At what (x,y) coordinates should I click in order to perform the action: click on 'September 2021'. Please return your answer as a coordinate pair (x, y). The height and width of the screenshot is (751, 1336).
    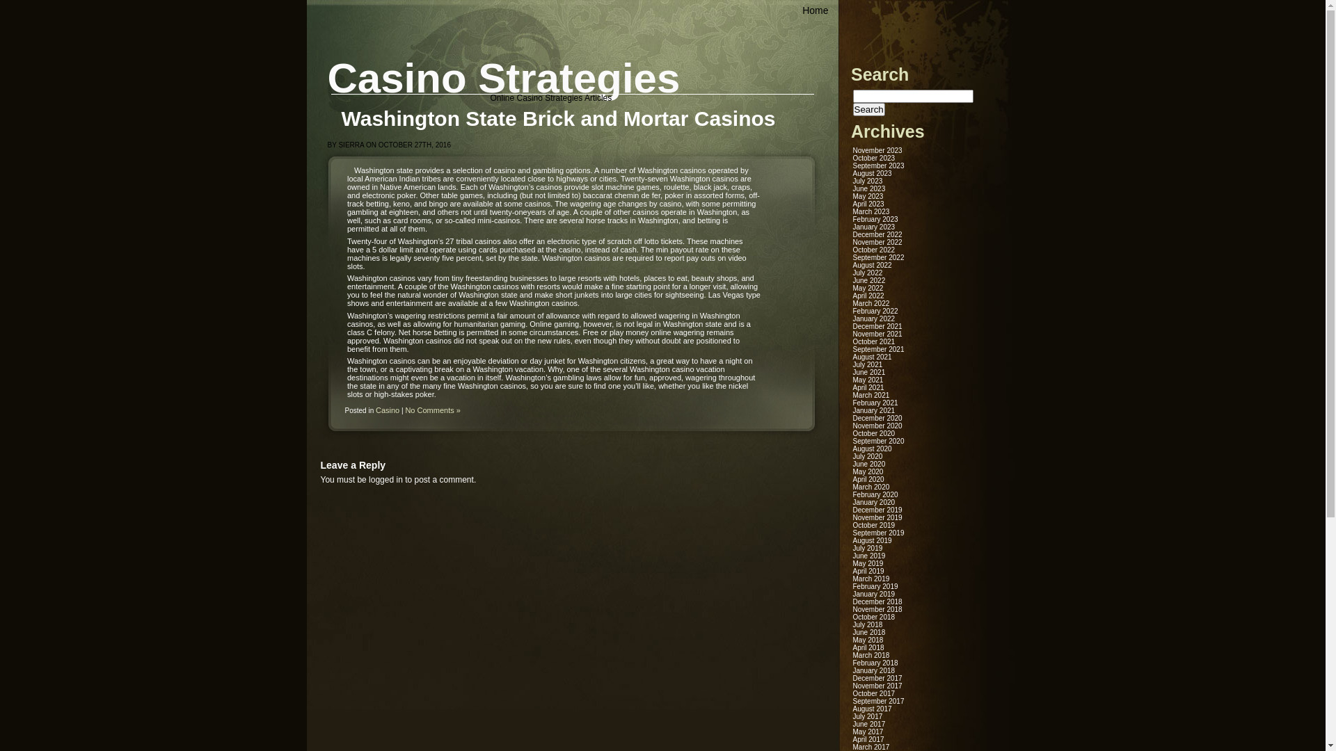
    Looking at the image, I should click on (852, 348).